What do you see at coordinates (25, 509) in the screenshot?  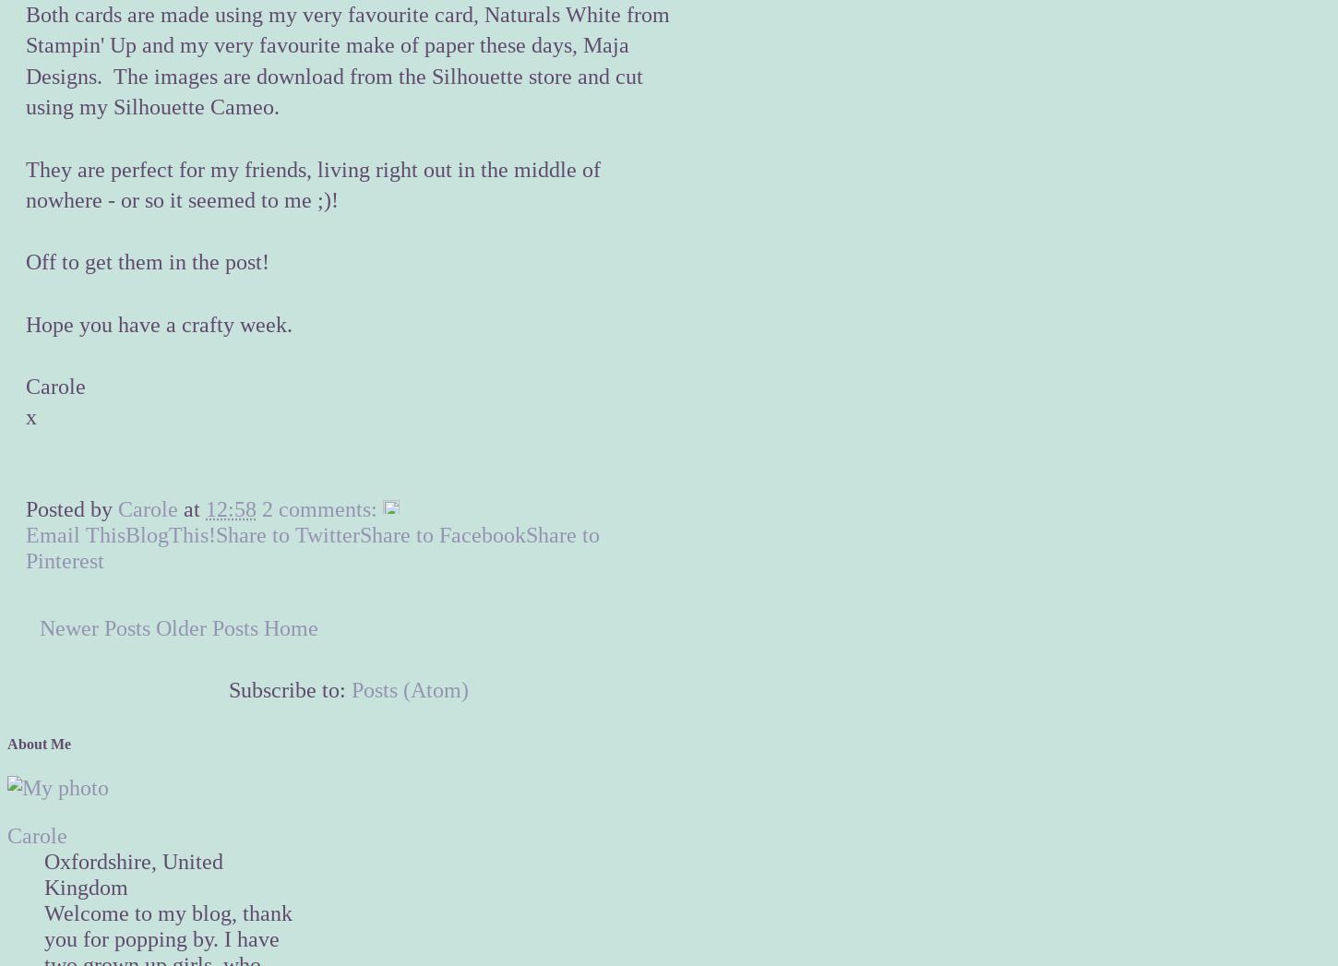 I see `'Posted by'` at bounding box center [25, 509].